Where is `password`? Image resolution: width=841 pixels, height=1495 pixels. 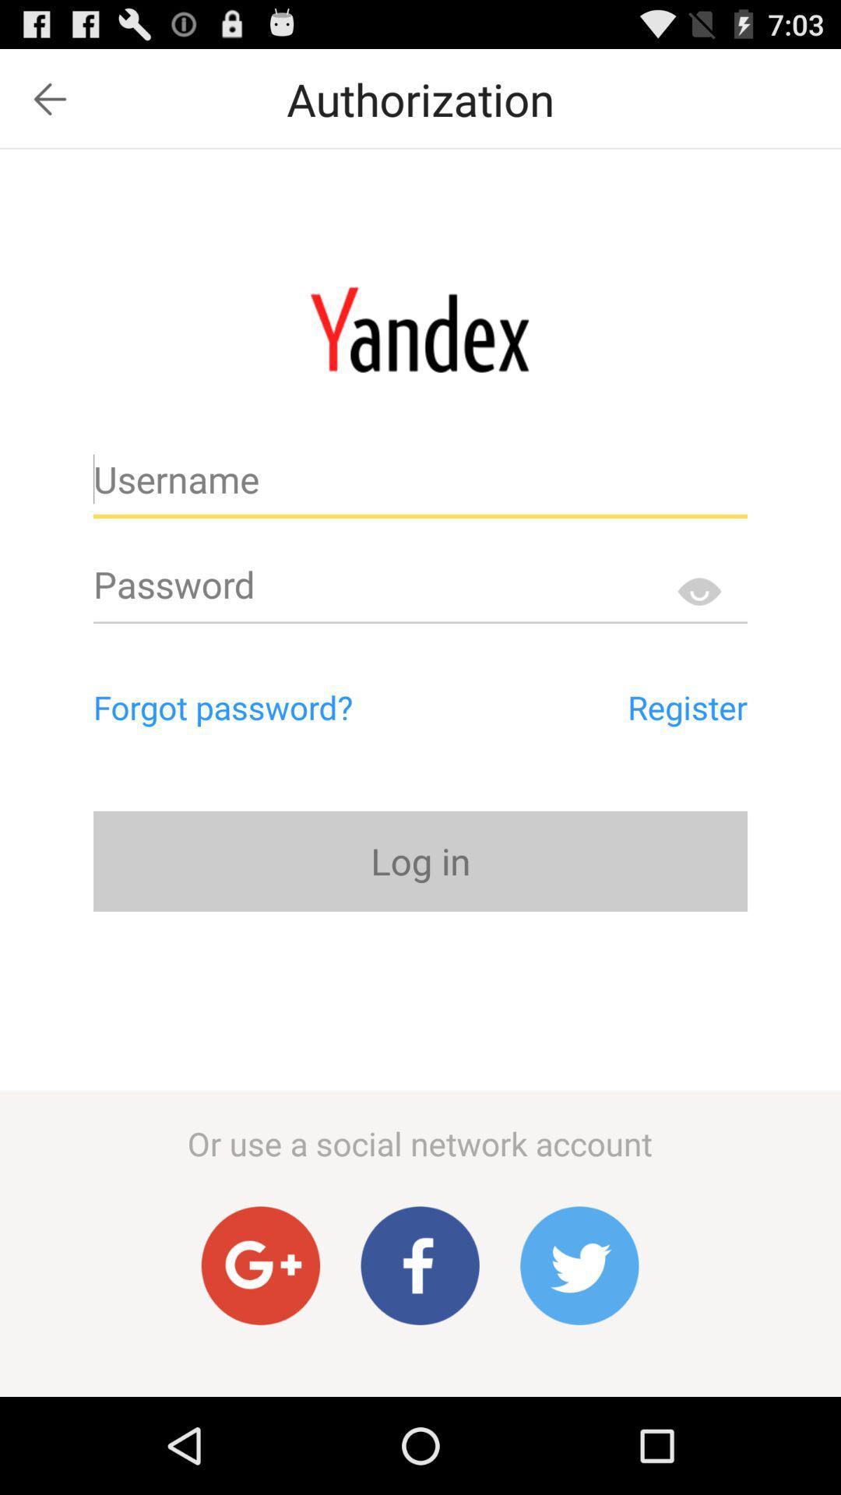 password is located at coordinates (420, 590).